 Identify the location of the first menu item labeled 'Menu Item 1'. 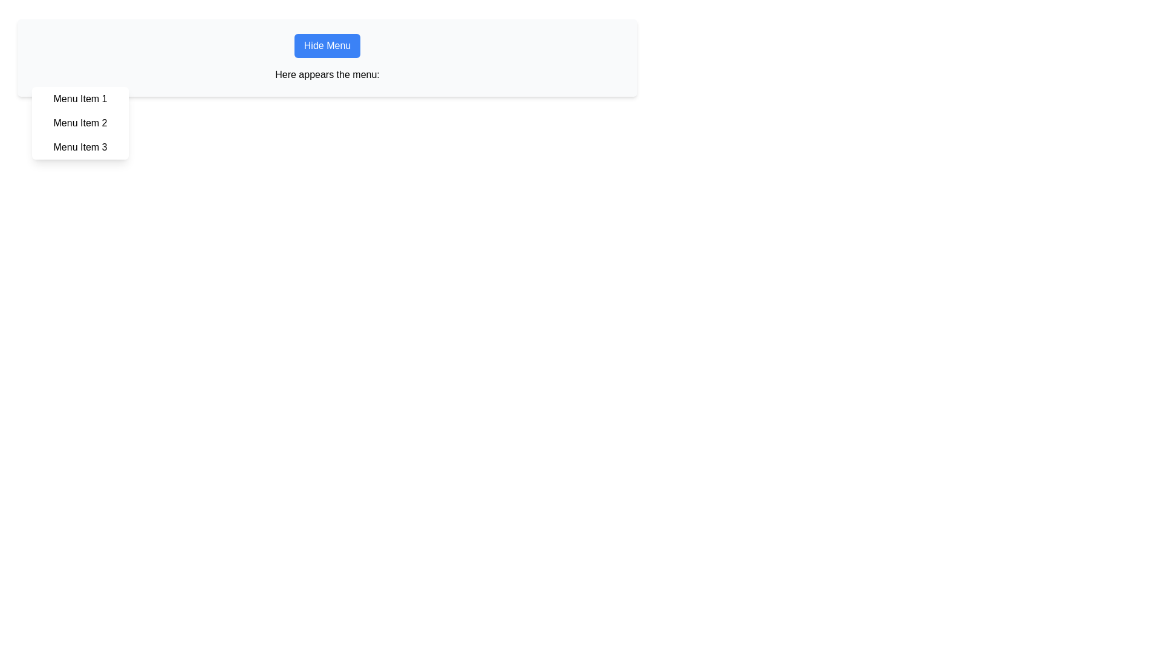
(80, 99).